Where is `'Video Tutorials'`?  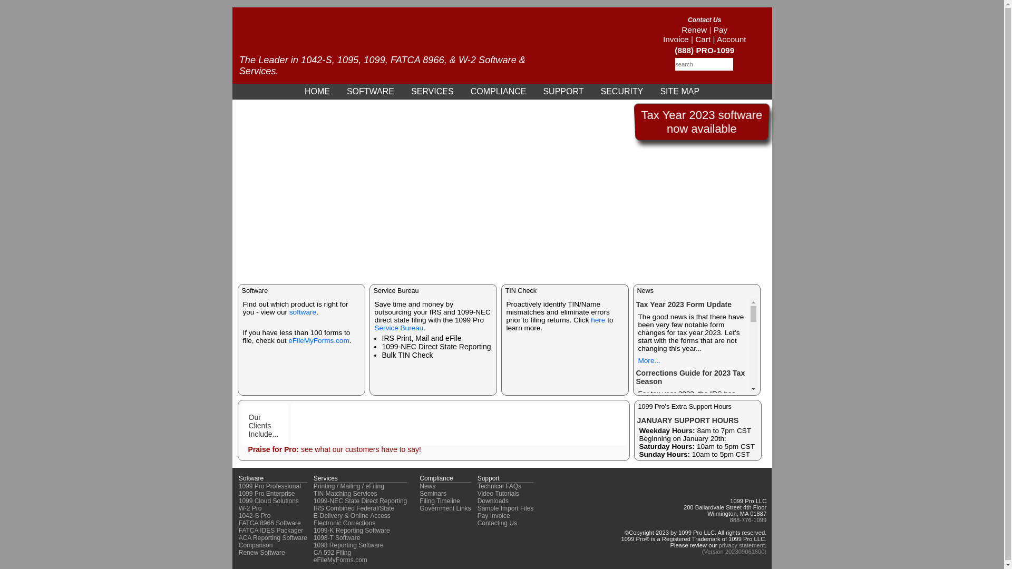
'Video Tutorials' is located at coordinates (477, 494).